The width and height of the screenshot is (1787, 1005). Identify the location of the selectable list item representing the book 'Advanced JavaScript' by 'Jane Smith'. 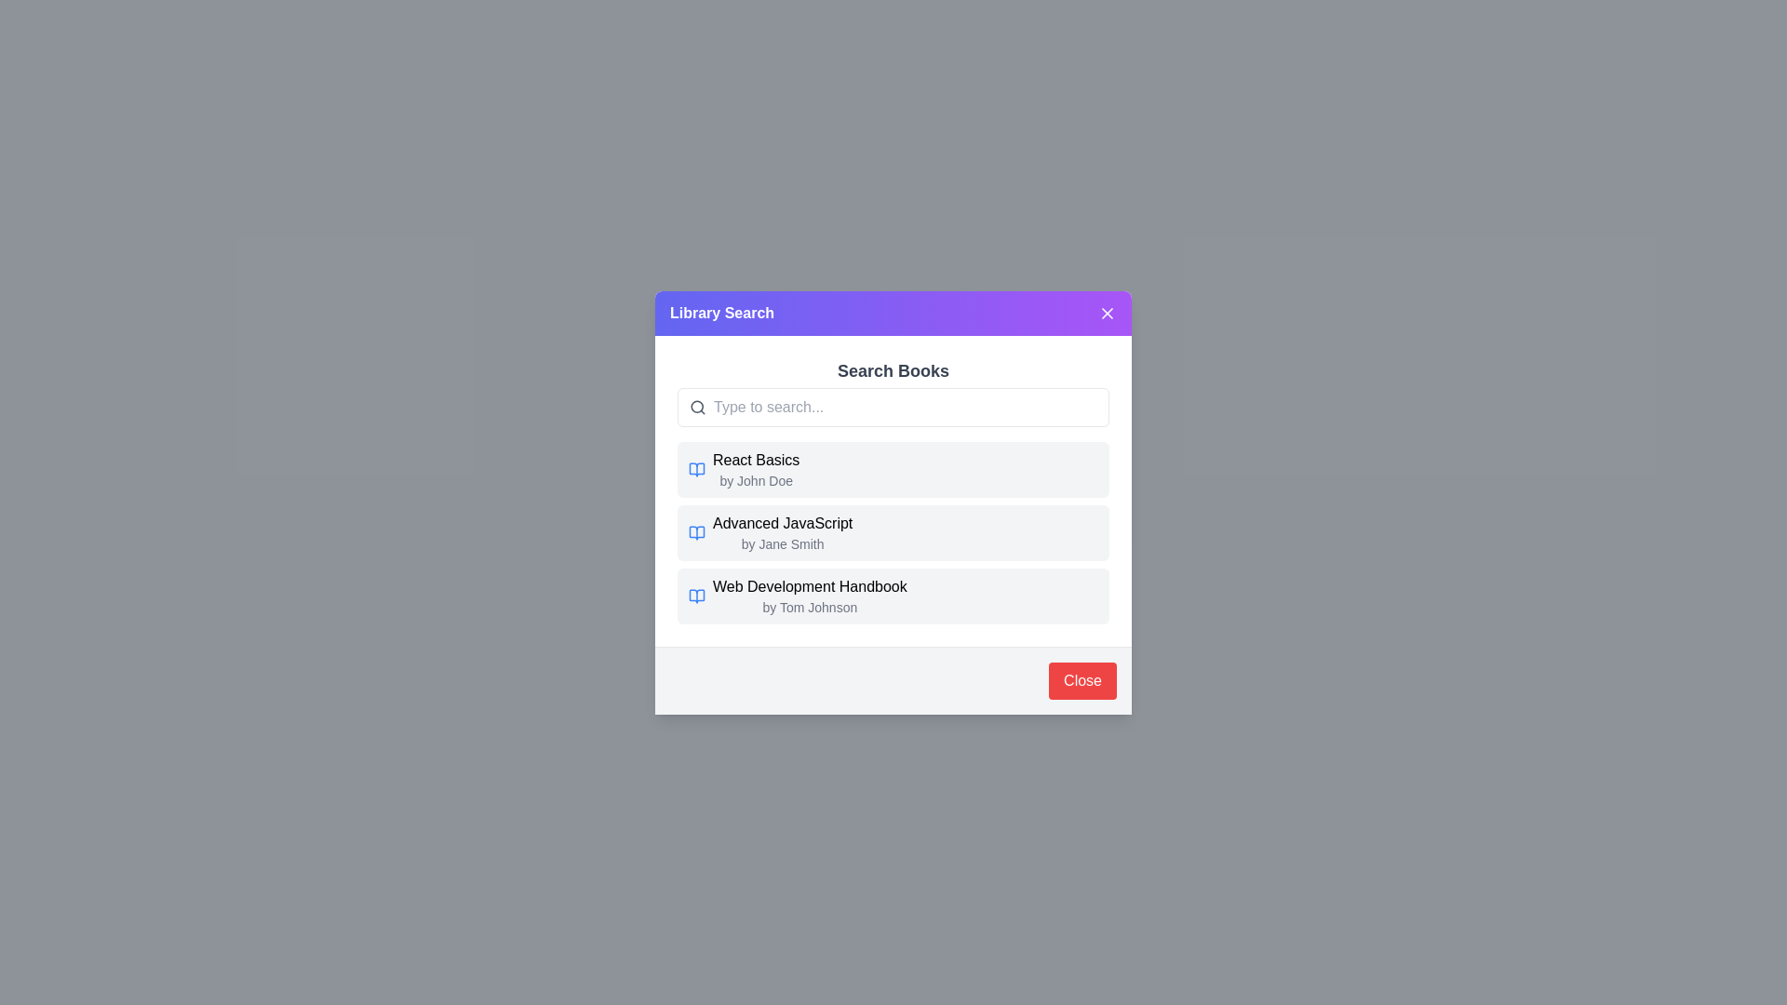
(893, 532).